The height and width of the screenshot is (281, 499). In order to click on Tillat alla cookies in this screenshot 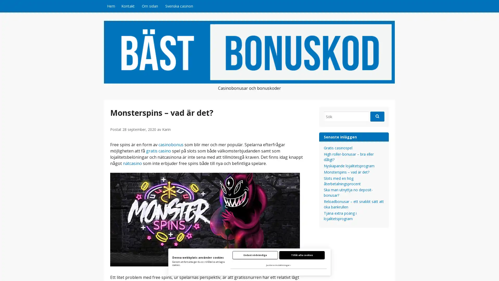, I will do `click(302, 255)`.